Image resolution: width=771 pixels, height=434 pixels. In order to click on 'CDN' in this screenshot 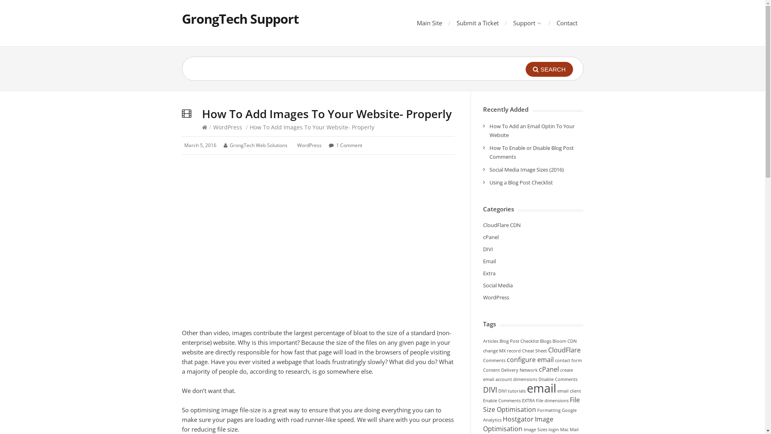, I will do `click(566, 341)`.